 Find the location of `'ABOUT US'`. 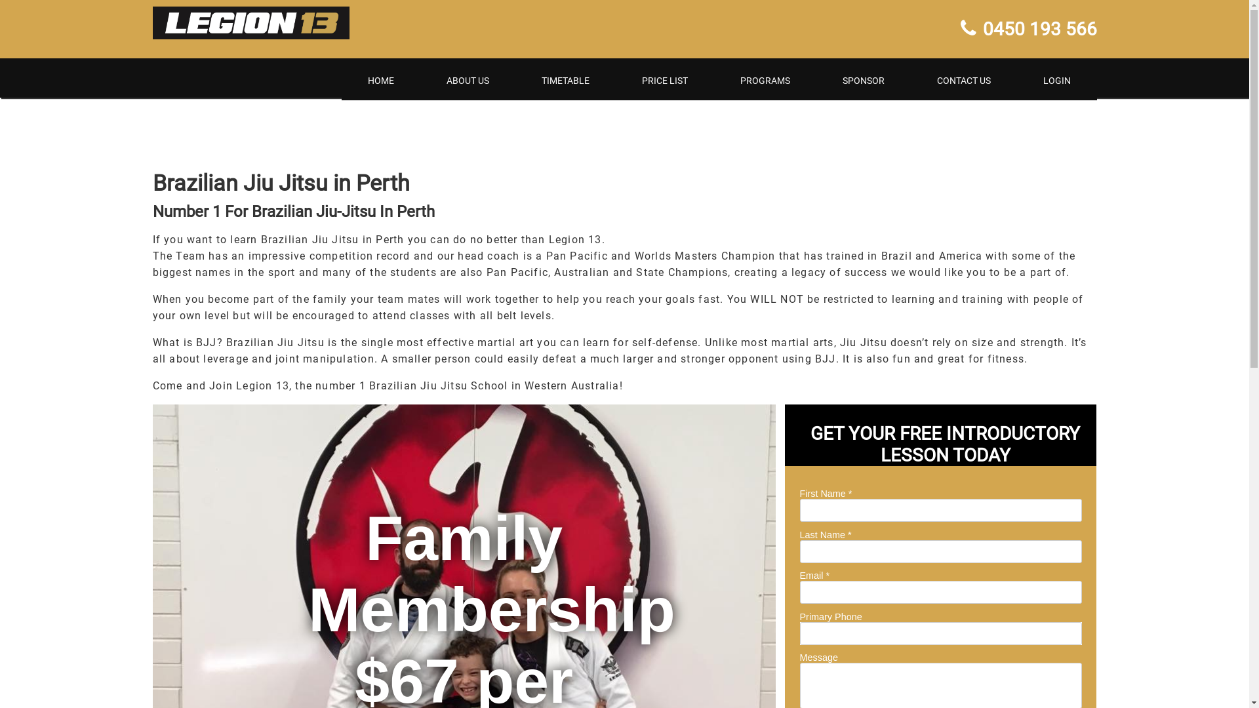

'ABOUT US' is located at coordinates (467, 81).